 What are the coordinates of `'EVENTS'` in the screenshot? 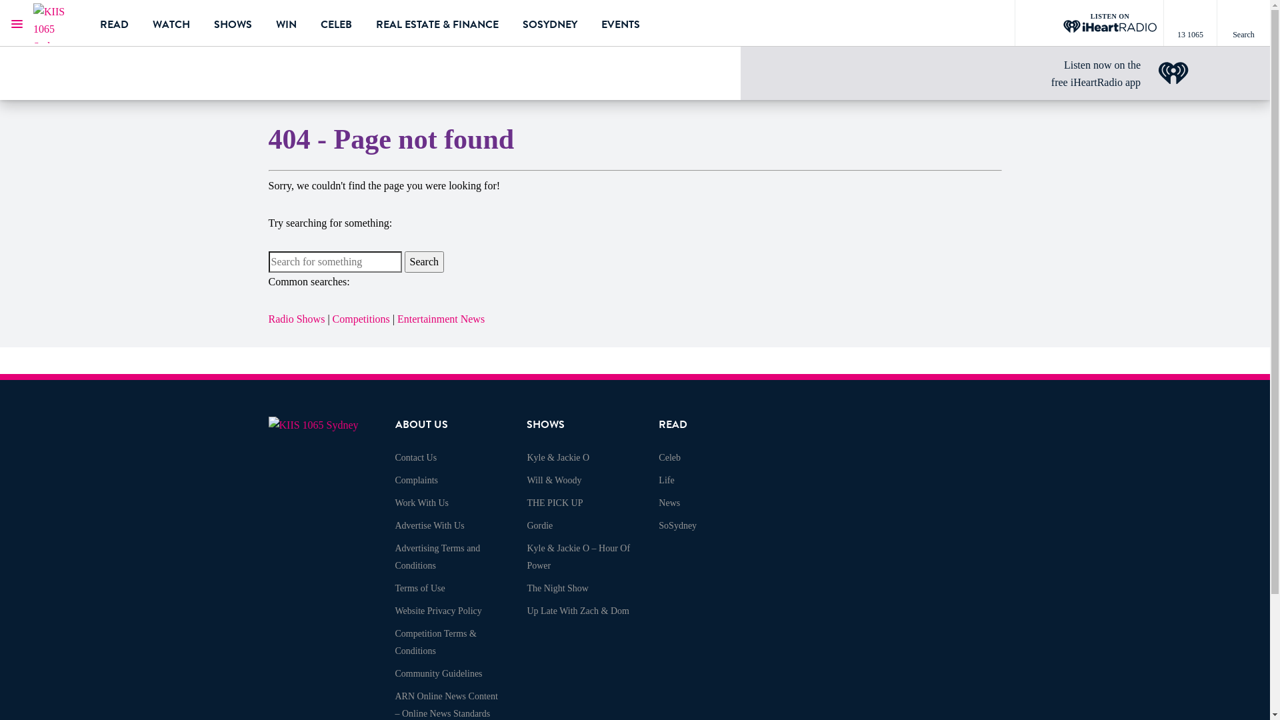 It's located at (620, 23).